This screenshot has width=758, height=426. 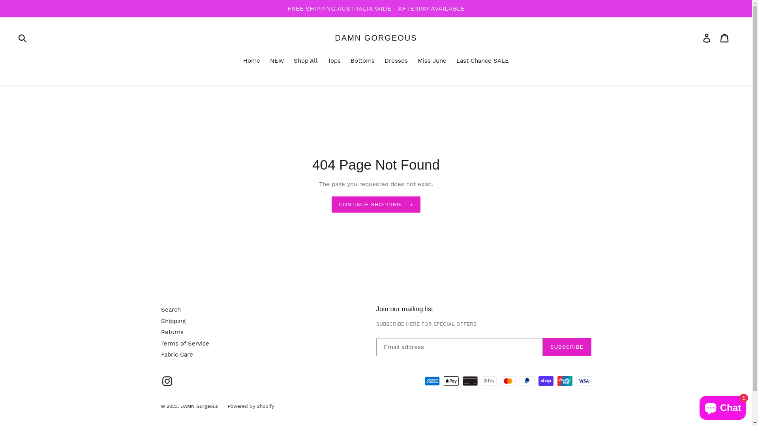 I want to click on 'Search', so click(x=170, y=309).